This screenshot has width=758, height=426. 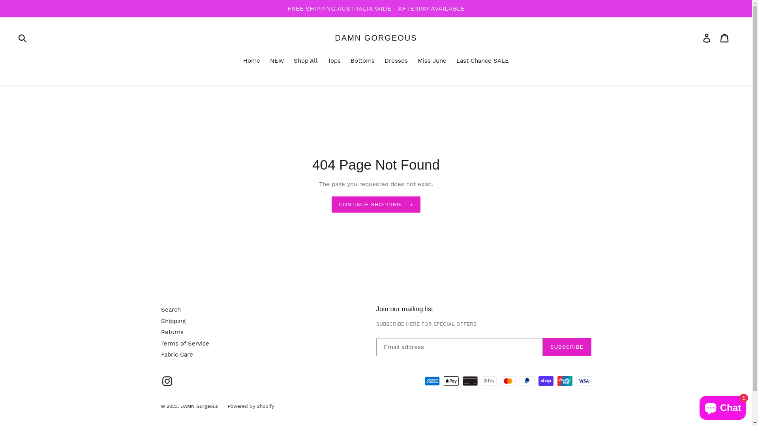 I want to click on 'Search', so click(x=170, y=309).